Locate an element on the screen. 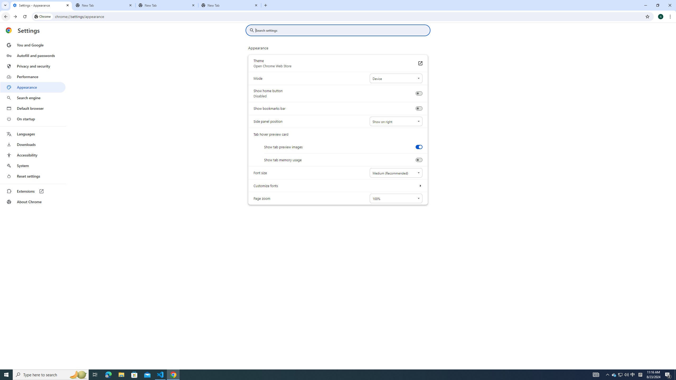  'Show bookmarks bar' is located at coordinates (419, 108).